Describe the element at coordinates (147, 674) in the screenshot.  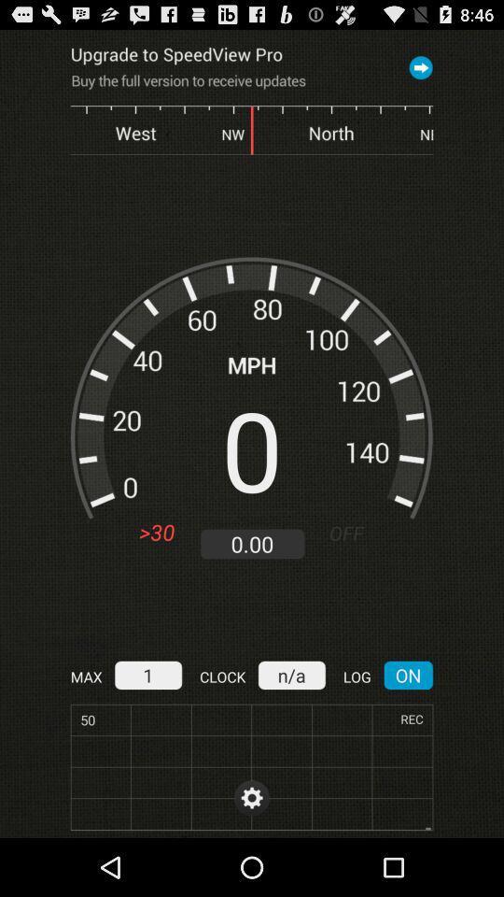
I see `the app below >30 icon` at that location.